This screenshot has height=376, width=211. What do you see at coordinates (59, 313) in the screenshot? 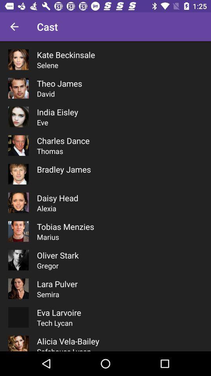
I see `eva larvoire icon` at bounding box center [59, 313].